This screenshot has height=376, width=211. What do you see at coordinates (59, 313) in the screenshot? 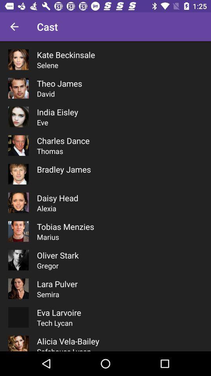
I see `eva larvoire icon` at bounding box center [59, 313].